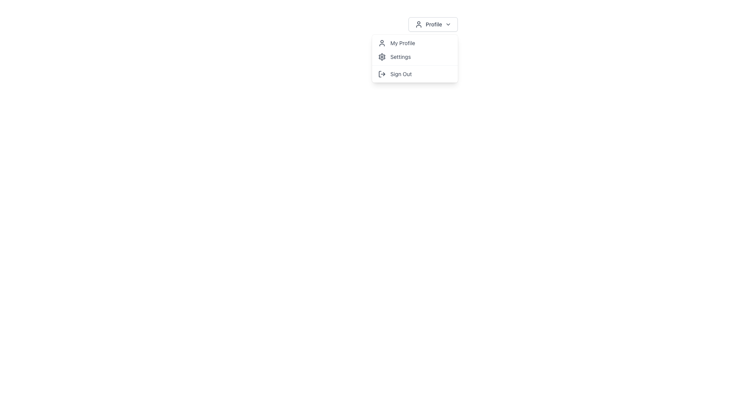 The image size is (735, 413). Describe the element at coordinates (414, 74) in the screenshot. I see `the 'Sign Out' menu item, which is the third item in the dropdown menu` at that location.